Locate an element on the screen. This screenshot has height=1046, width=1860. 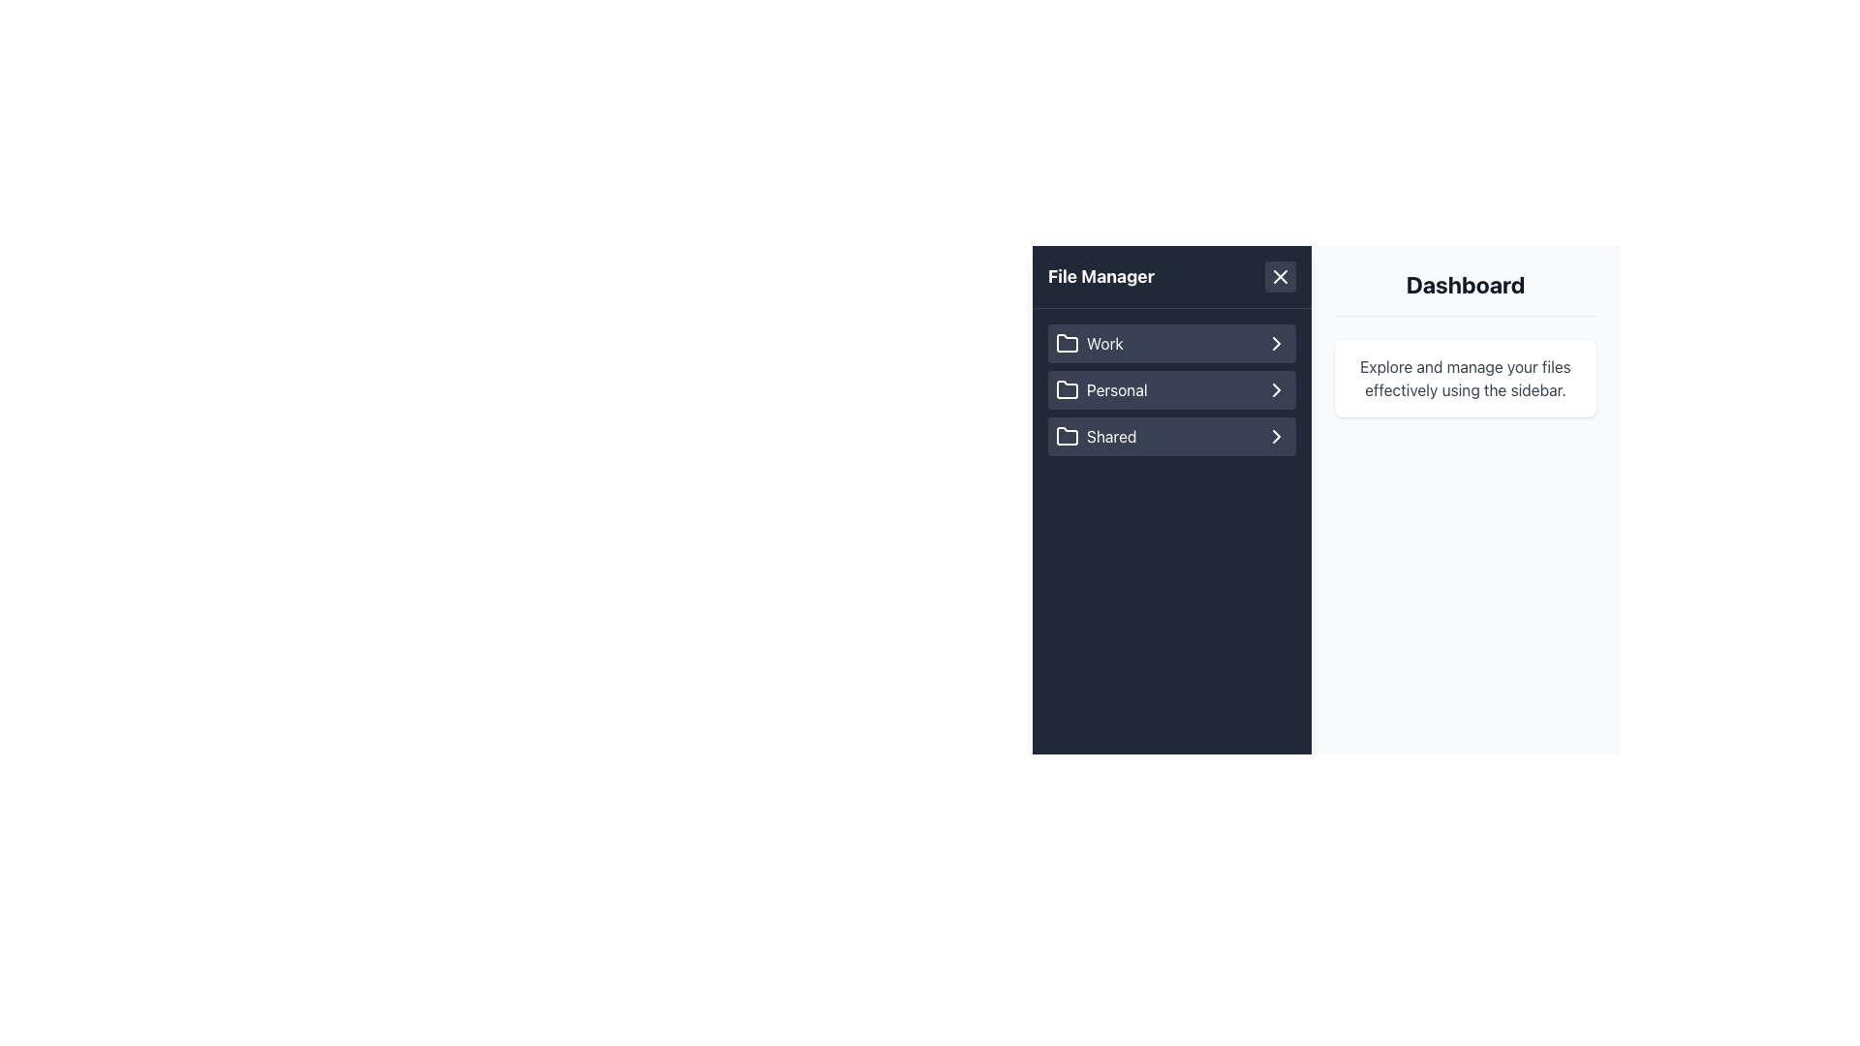
the folder icon located next to the text 'Personal' in the 'File Manager' section of the sidebar is located at coordinates (1067, 389).